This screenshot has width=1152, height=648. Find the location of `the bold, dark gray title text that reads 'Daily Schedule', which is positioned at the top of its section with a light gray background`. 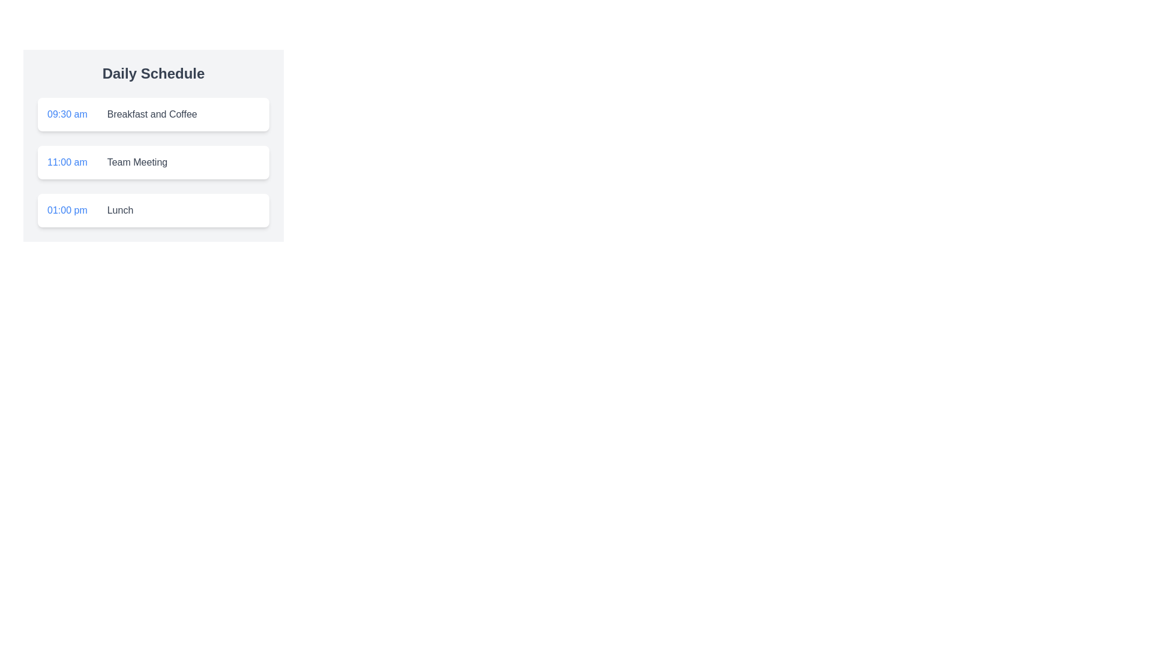

the bold, dark gray title text that reads 'Daily Schedule', which is positioned at the top of its section with a light gray background is located at coordinates (152, 74).